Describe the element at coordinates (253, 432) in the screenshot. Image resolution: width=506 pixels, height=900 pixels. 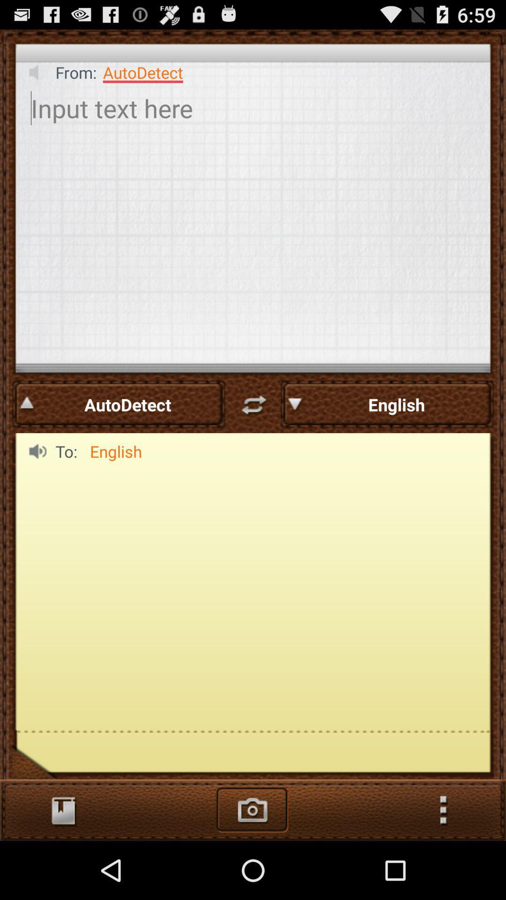
I see `the repeat icon` at that location.